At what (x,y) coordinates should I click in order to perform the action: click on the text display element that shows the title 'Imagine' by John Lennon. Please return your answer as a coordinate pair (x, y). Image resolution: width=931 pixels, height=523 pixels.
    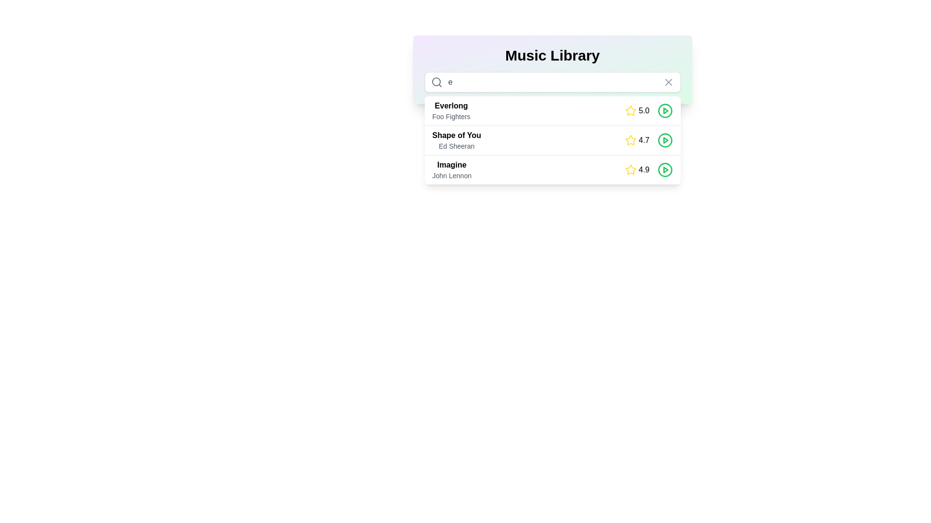
    Looking at the image, I should click on (451, 169).